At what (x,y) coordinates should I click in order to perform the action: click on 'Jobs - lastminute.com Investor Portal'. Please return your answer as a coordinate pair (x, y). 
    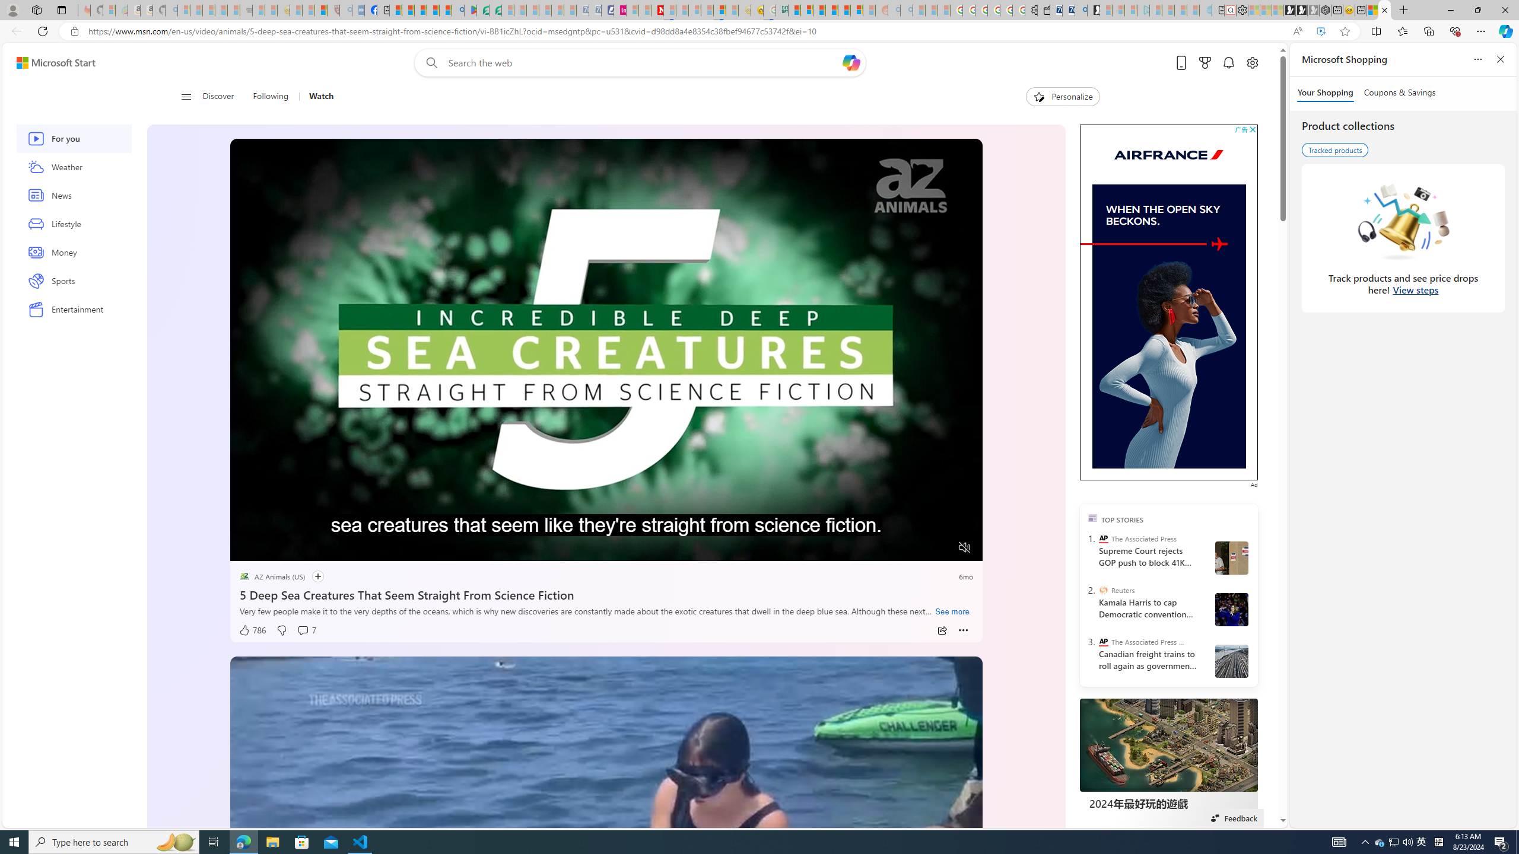
    Looking at the image, I should click on (619, 9).